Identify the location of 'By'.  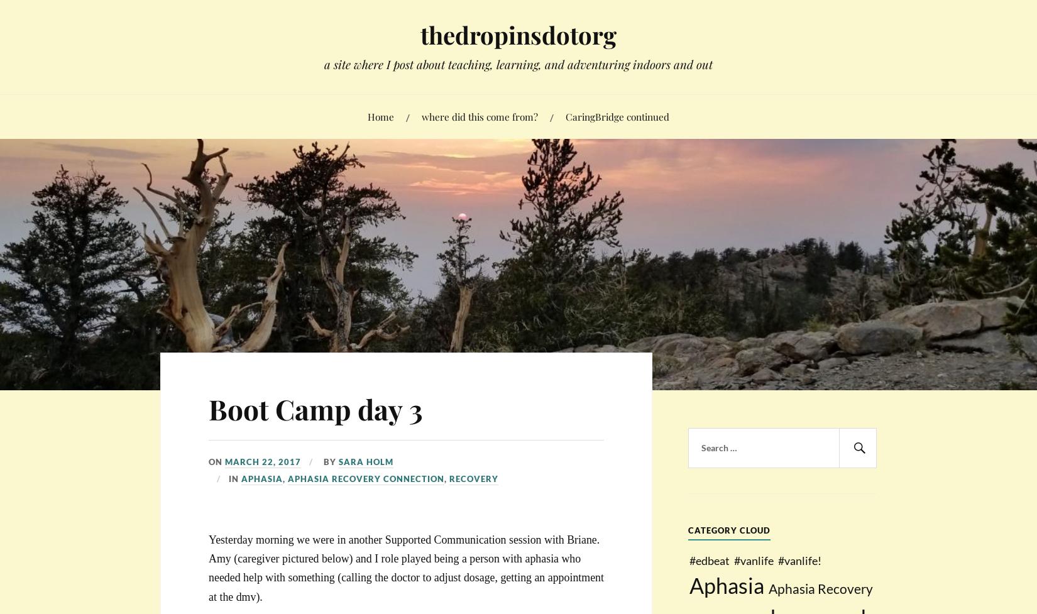
(329, 461).